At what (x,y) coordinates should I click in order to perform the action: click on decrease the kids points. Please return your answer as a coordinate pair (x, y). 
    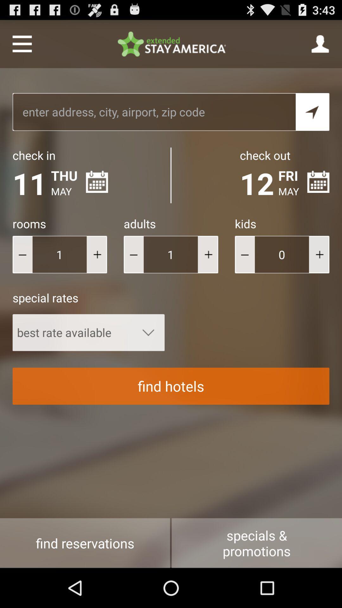
    Looking at the image, I should click on (244, 254).